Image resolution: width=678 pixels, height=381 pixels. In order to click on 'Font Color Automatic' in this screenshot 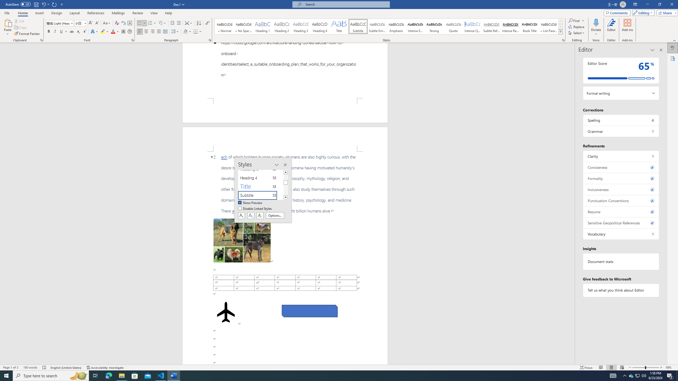, I will do `click(113, 31)`.